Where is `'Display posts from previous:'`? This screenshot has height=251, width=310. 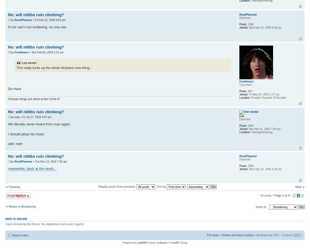
'Display posts from previous:' is located at coordinates (117, 186).